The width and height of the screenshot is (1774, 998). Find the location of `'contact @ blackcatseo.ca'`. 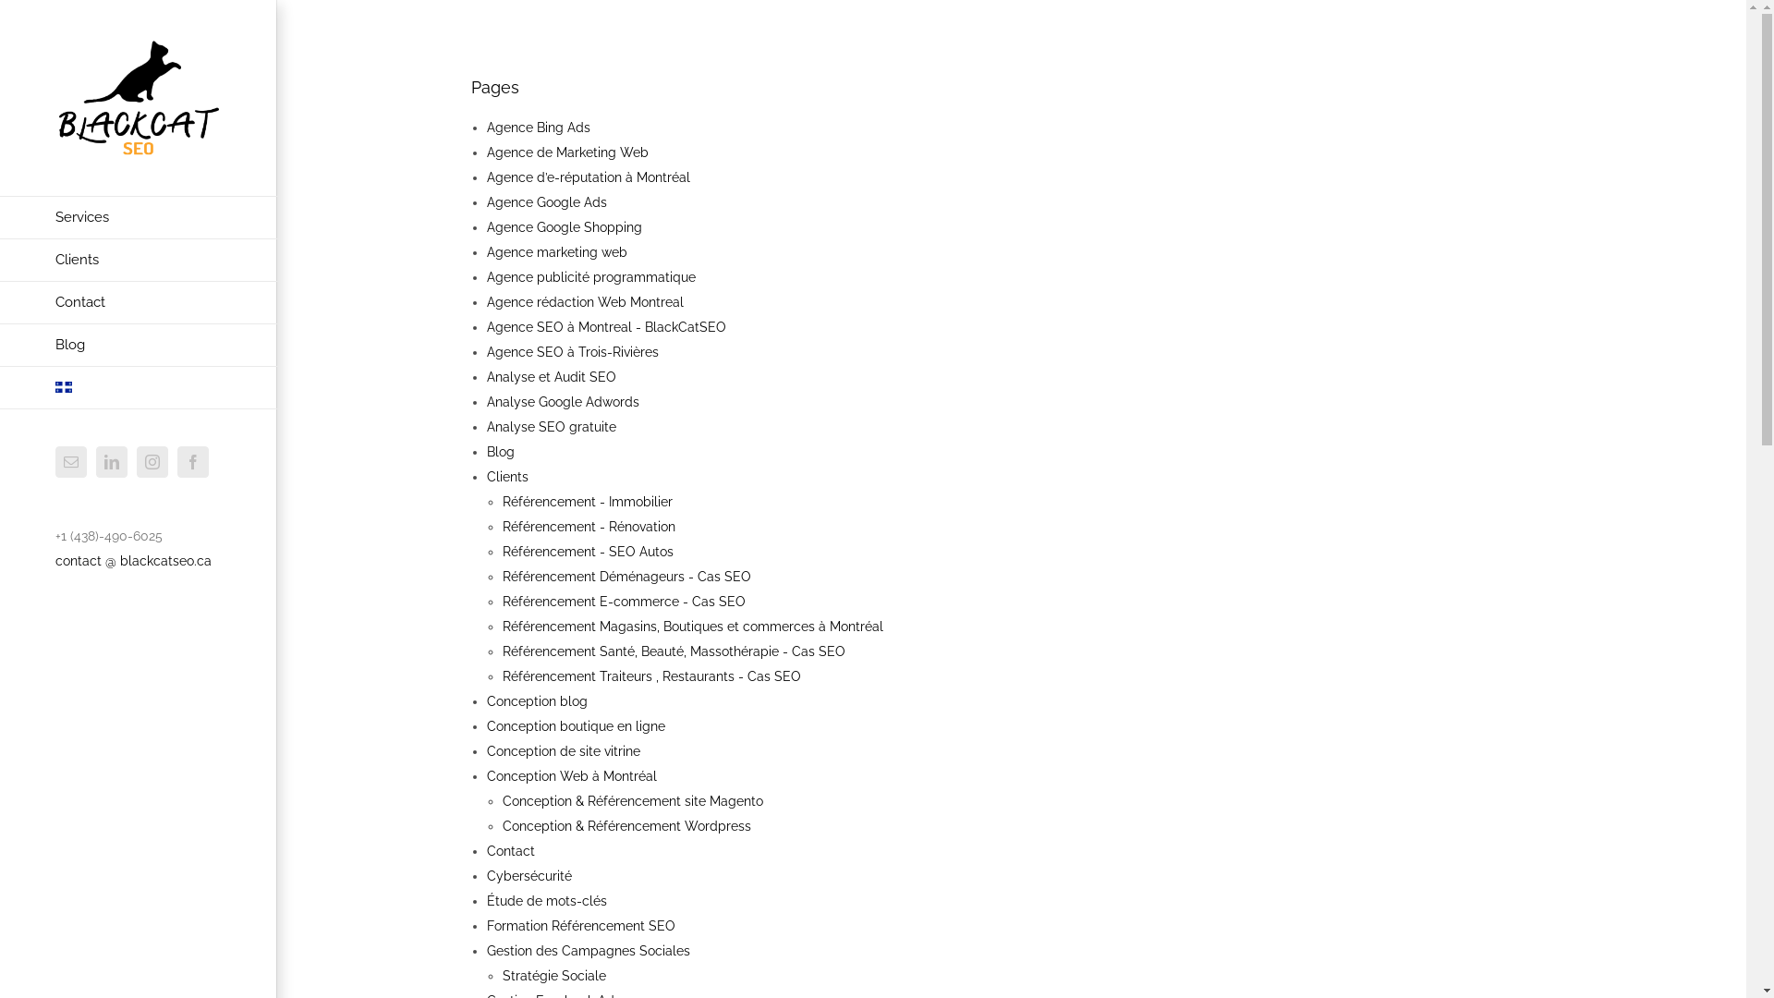

'contact @ blackcatseo.ca' is located at coordinates (132, 559).